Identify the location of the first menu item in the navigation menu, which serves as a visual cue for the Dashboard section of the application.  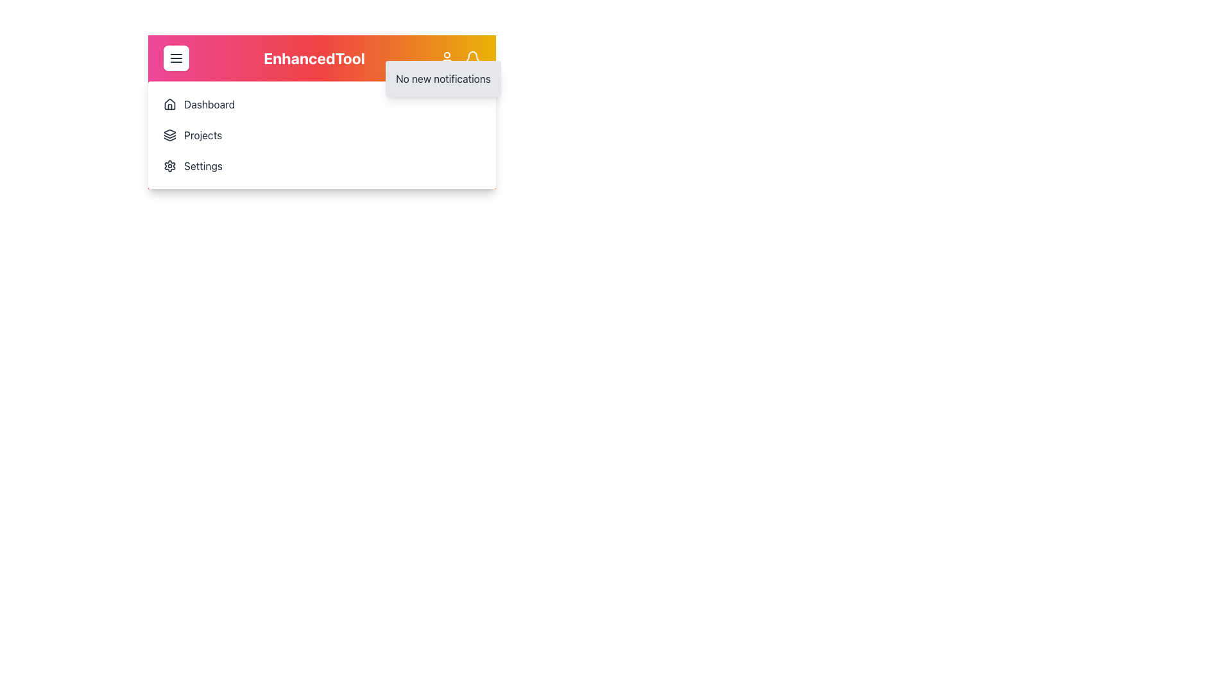
(322, 103).